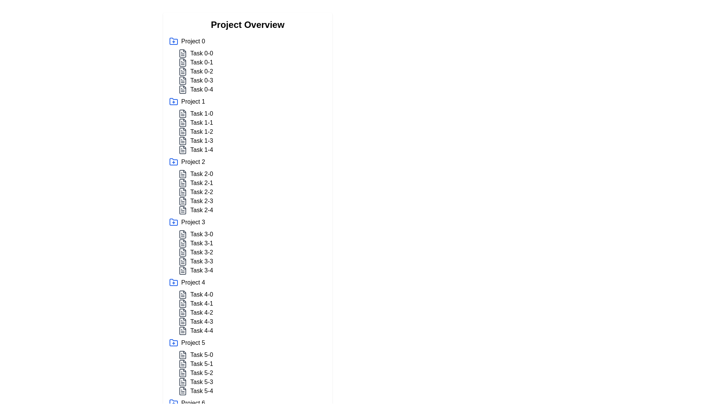 The image size is (725, 407). I want to click on the text label 'Task 2-2', which is aligned to the left within the 'Project 2' list as the third item, so click(202, 191).